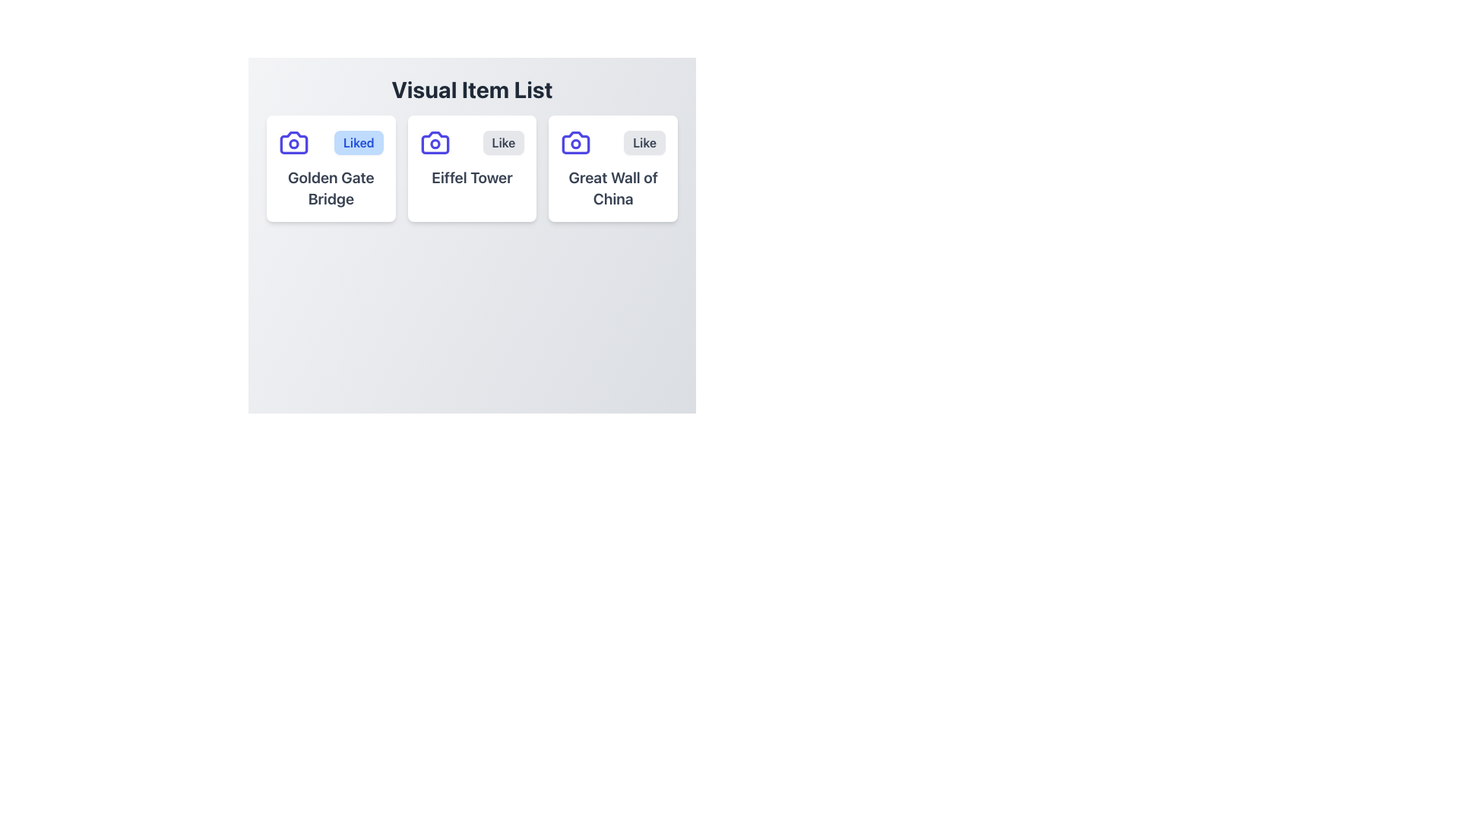  What do you see at coordinates (471, 226) in the screenshot?
I see `the center of the modal popup window` at bounding box center [471, 226].